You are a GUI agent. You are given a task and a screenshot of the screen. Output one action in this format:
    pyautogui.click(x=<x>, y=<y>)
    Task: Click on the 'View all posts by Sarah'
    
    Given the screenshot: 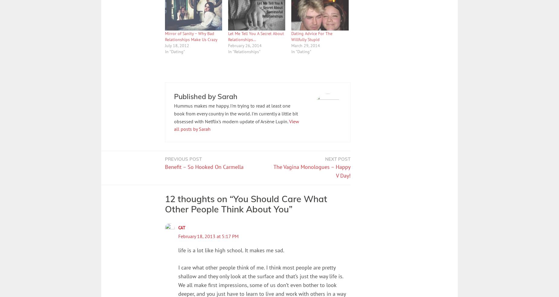 What is the action you would take?
    pyautogui.click(x=236, y=125)
    